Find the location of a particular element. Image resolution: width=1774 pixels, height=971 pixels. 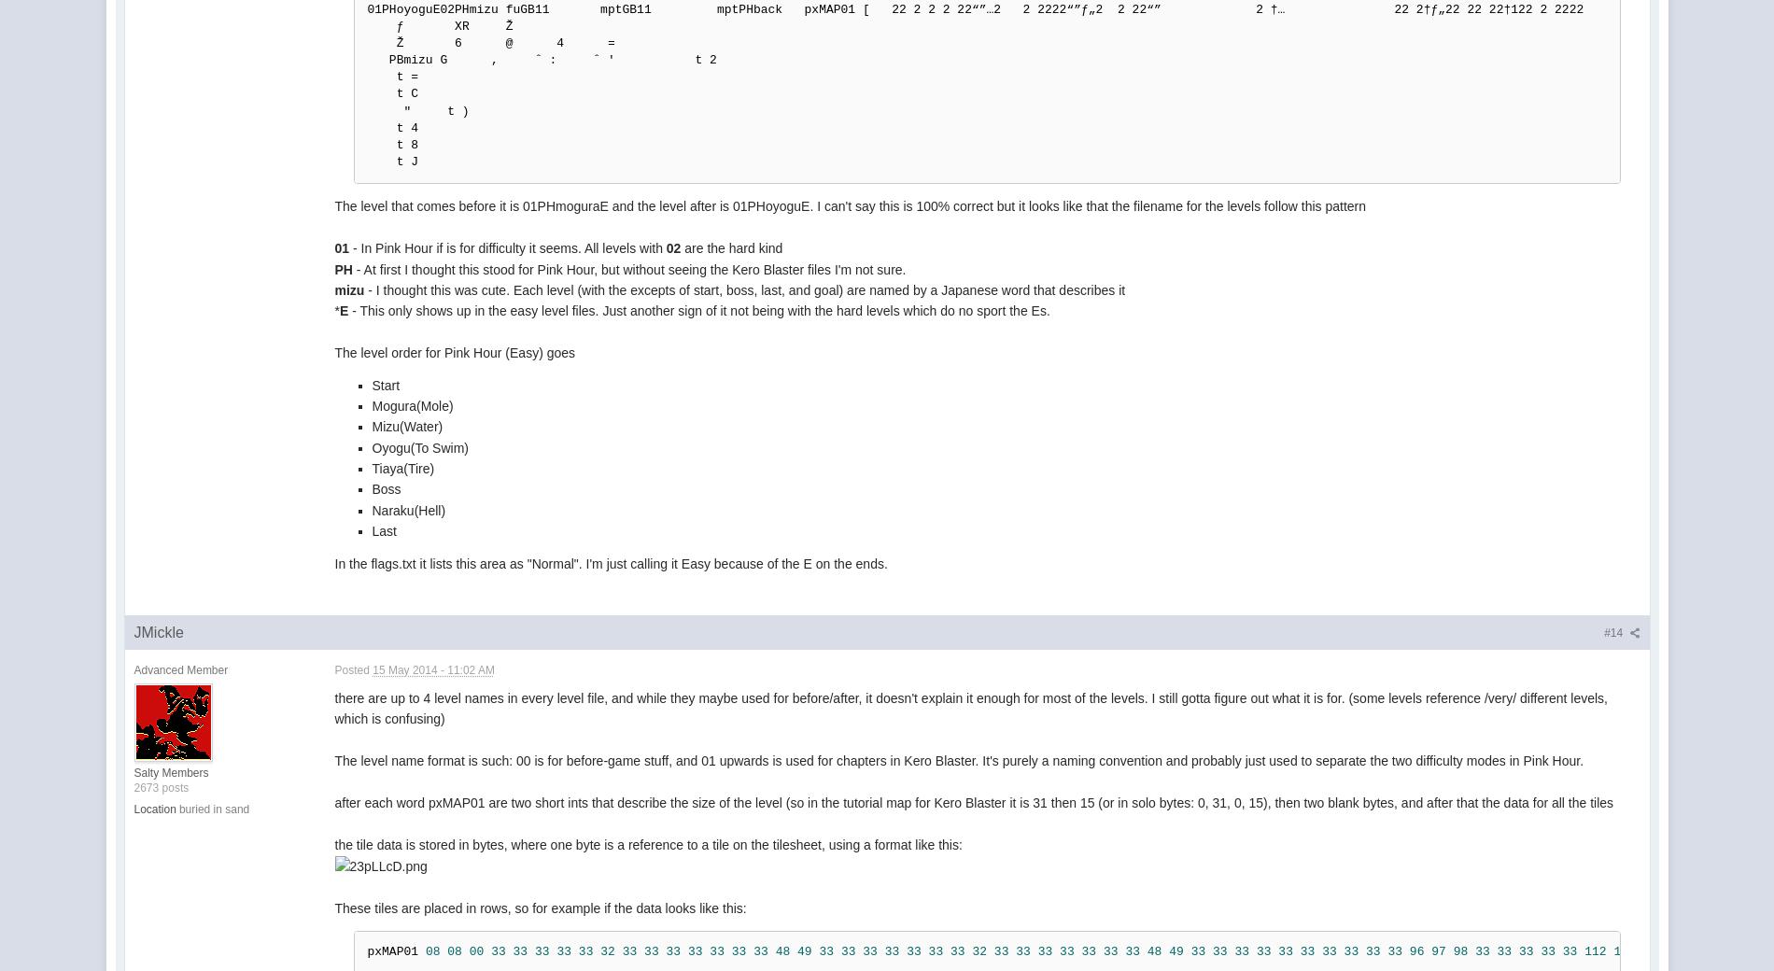

'Naraku(Hell)' is located at coordinates (407, 509).